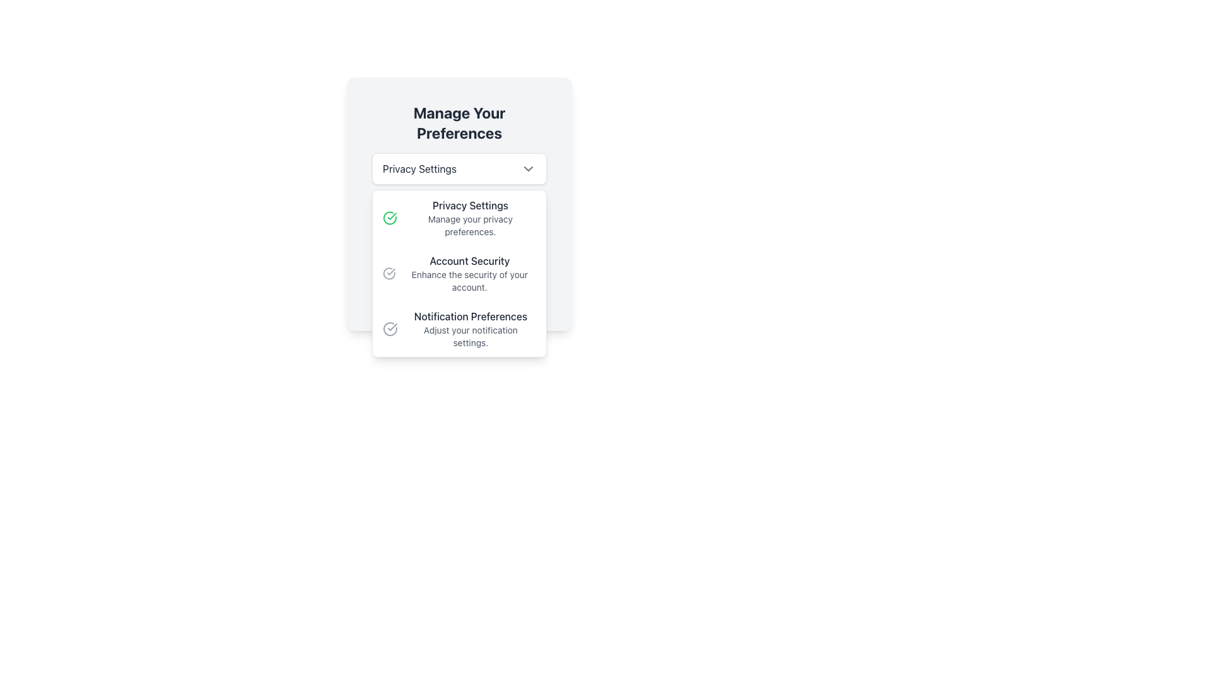  I want to click on the notification preferences icon, which is the leading icon to the left of the text 'Notification Preferences' in the dropdown menu, indicating that this option is active or selected, so click(389, 328).